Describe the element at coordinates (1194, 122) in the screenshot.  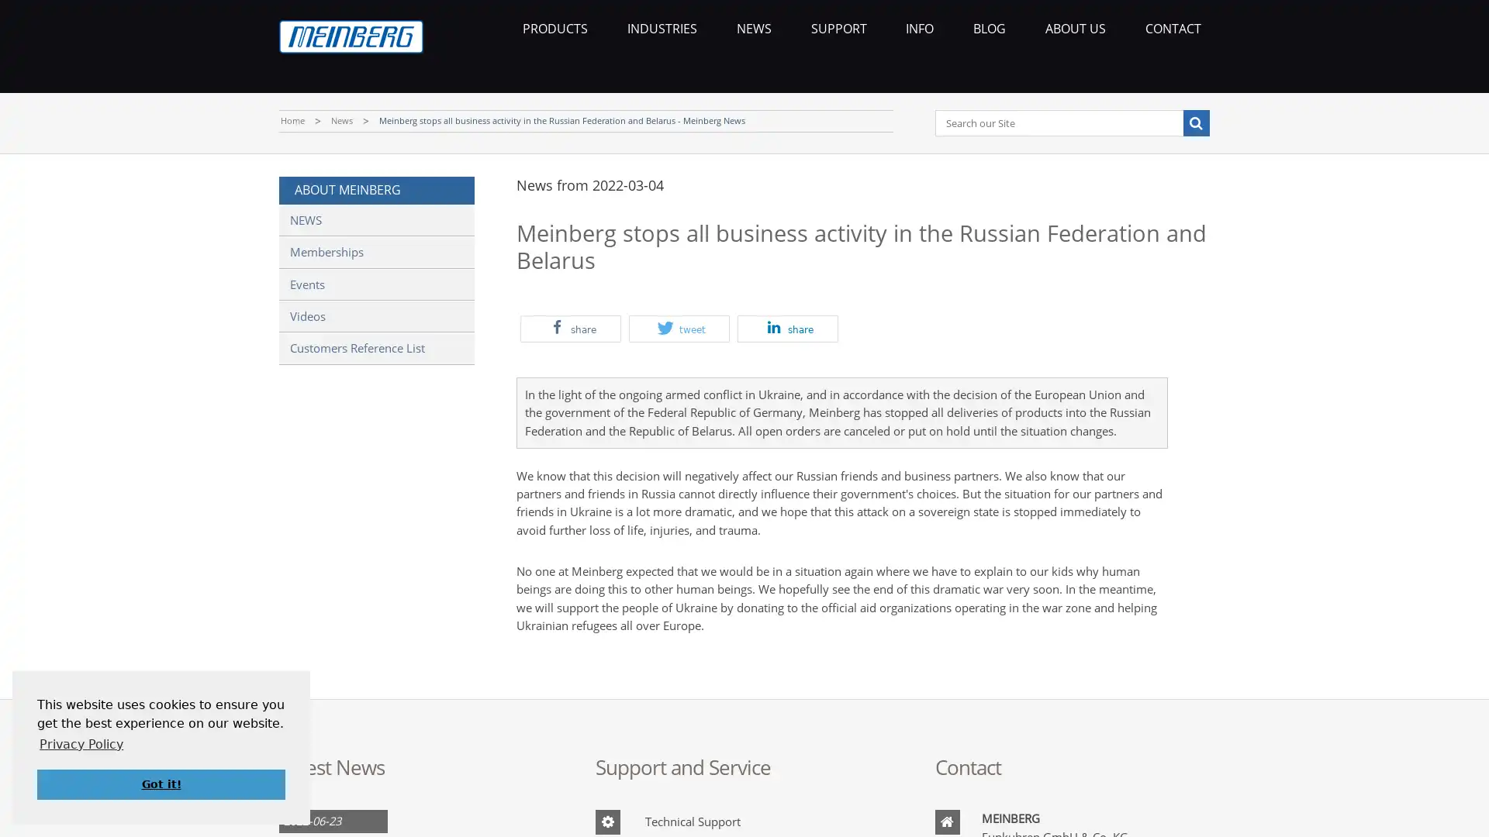
I see `Search` at that location.